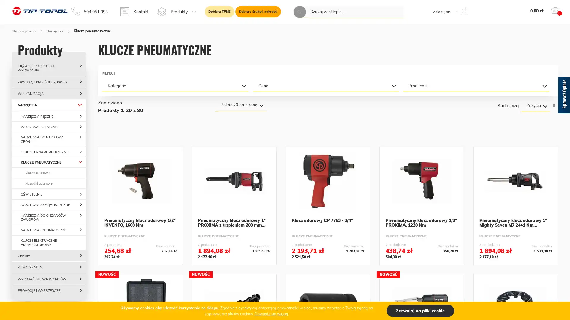 The width and height of the screenshot is (570, 320). What do you see at coordinates (140, 257) in the screenshot?
I see `Dodaj do koszyka` at bounding box center [140, 257].